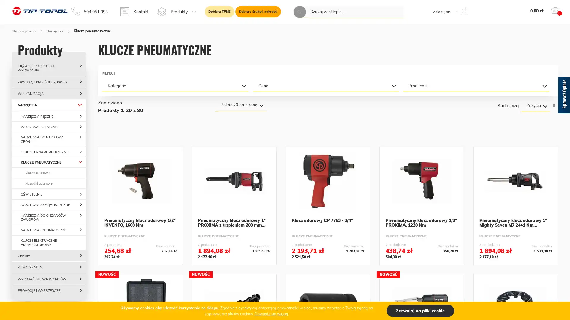 The width and height of the screenshot is (570, 320). What do you see at coordinates (140, 257) in the screenshot?
I see `Dodaj do koszyka` at bounding box center [140, 257].